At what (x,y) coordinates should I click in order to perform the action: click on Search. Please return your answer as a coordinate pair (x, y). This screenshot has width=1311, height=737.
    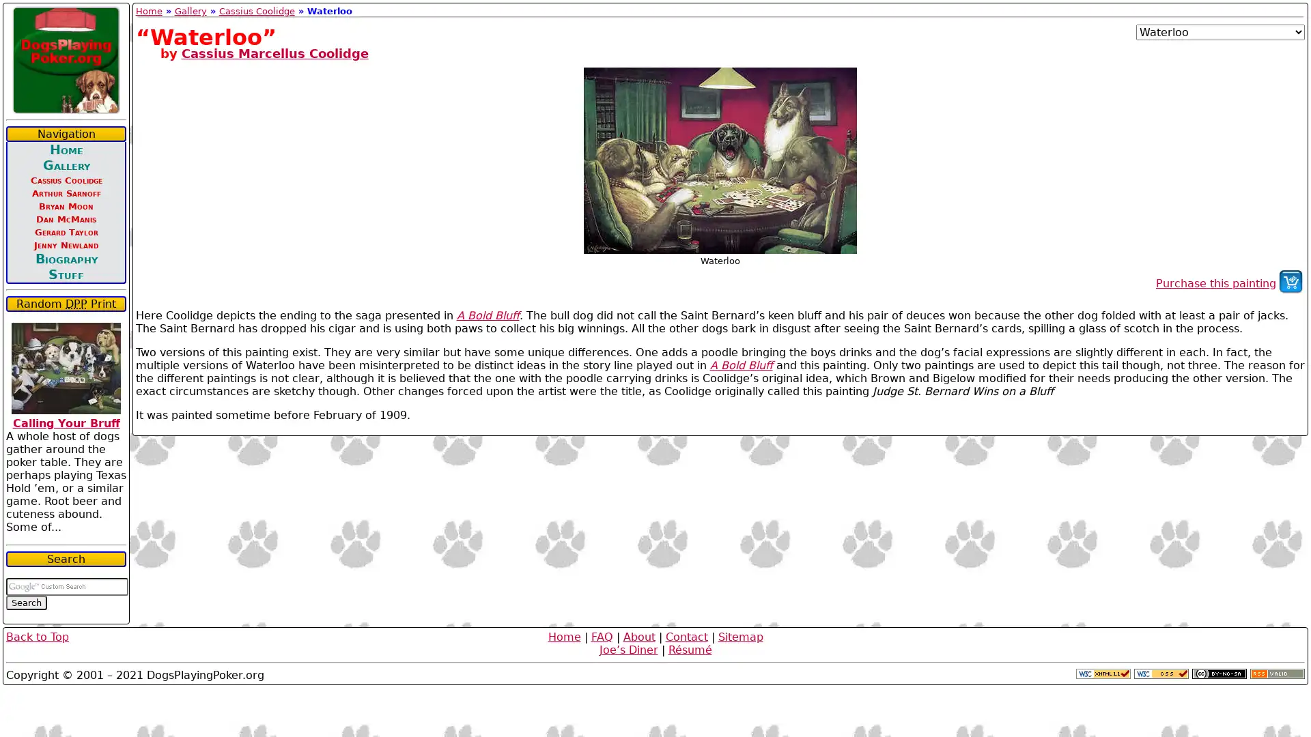
    Looking at the image, I should click on (26, 602).